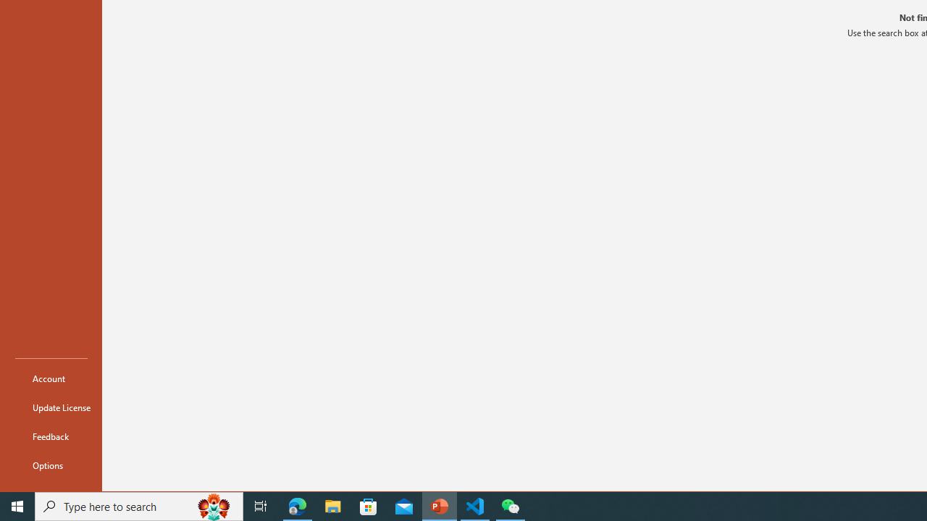  Describe the element at coordinates (51, 465) in the screenshot. I see `'Options'` at that location.